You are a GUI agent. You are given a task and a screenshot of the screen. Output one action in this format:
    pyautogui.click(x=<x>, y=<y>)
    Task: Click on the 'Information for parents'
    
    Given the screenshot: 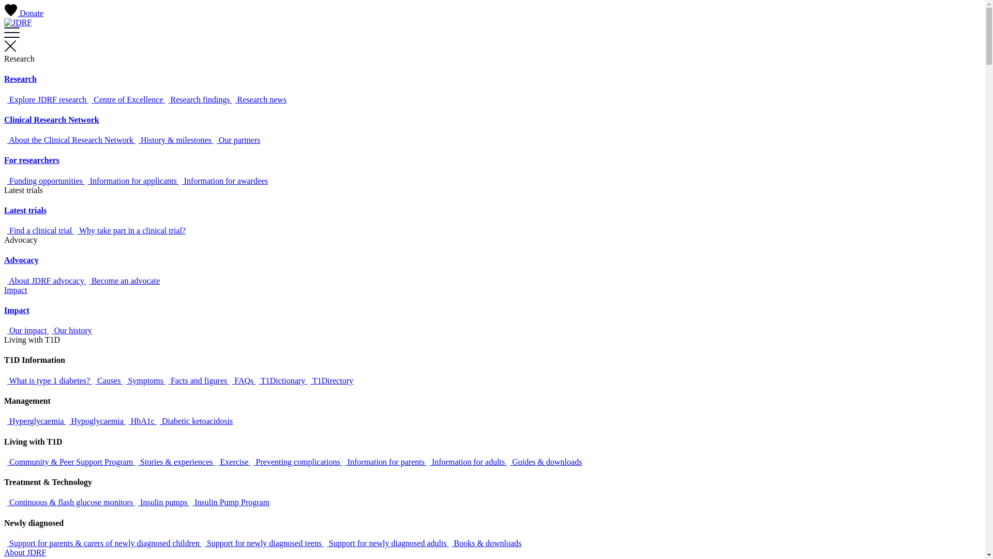 What is the action you would take?
    pyautogui.click(x=384, y=461)
    